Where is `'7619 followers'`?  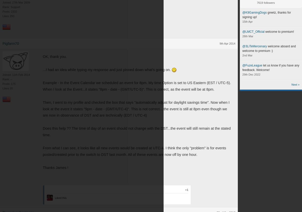
'7619 followers' is located at coordinates (266, 3).